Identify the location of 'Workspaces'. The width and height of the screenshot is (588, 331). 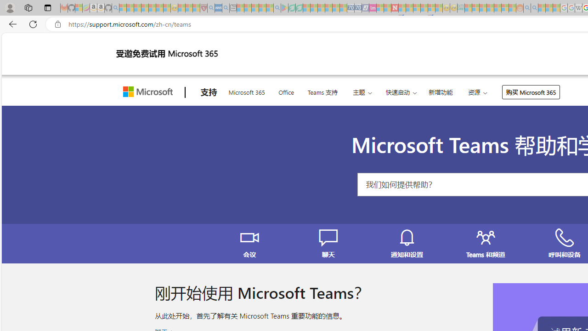
(28, 7).